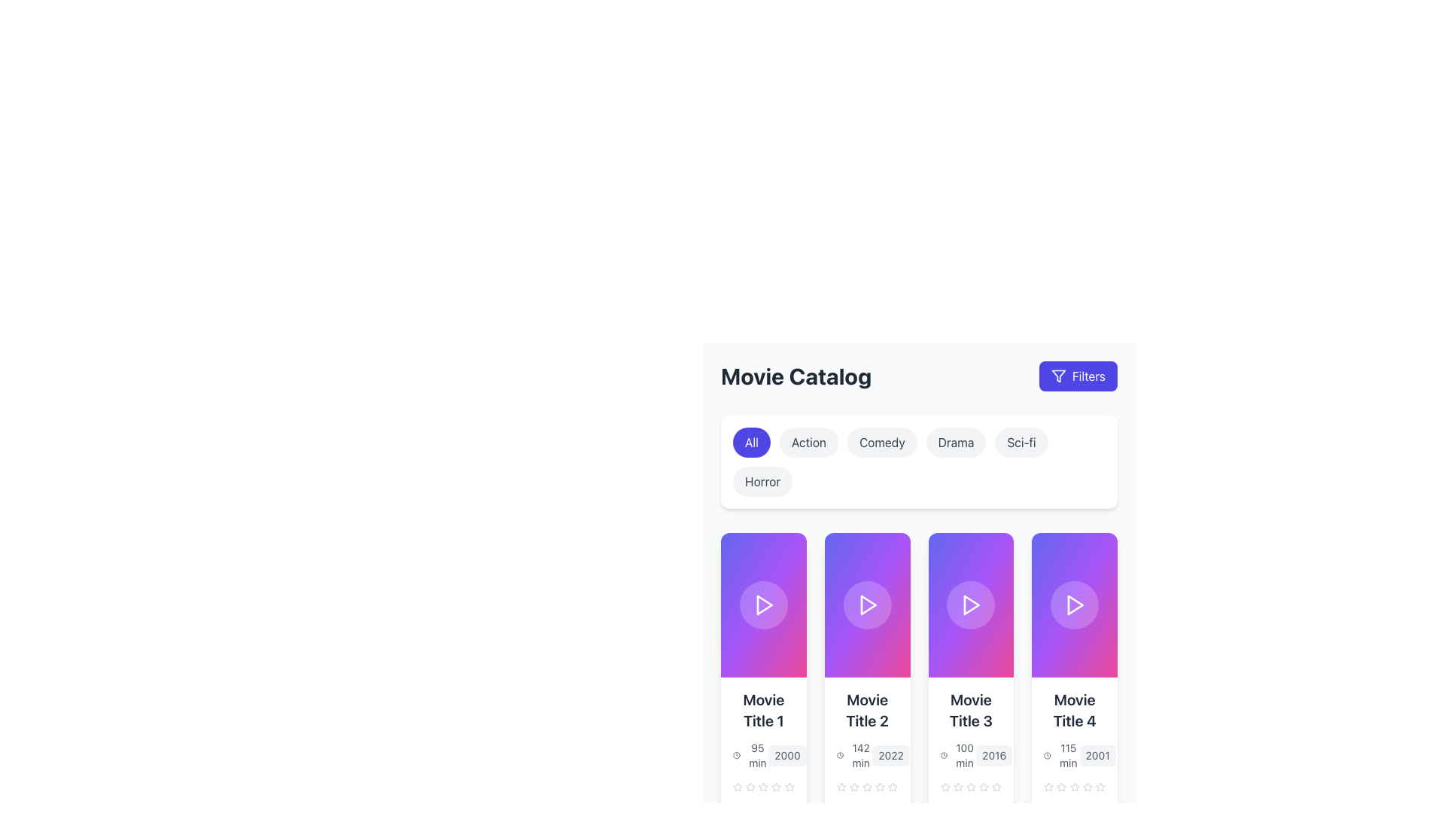  Describe the element at coordinates (971, 604) in the screenshot. I see `the Play Button with Background located at the uppermost portion of the card labeled 'Movie Title 3' to play the associated media` at that location.